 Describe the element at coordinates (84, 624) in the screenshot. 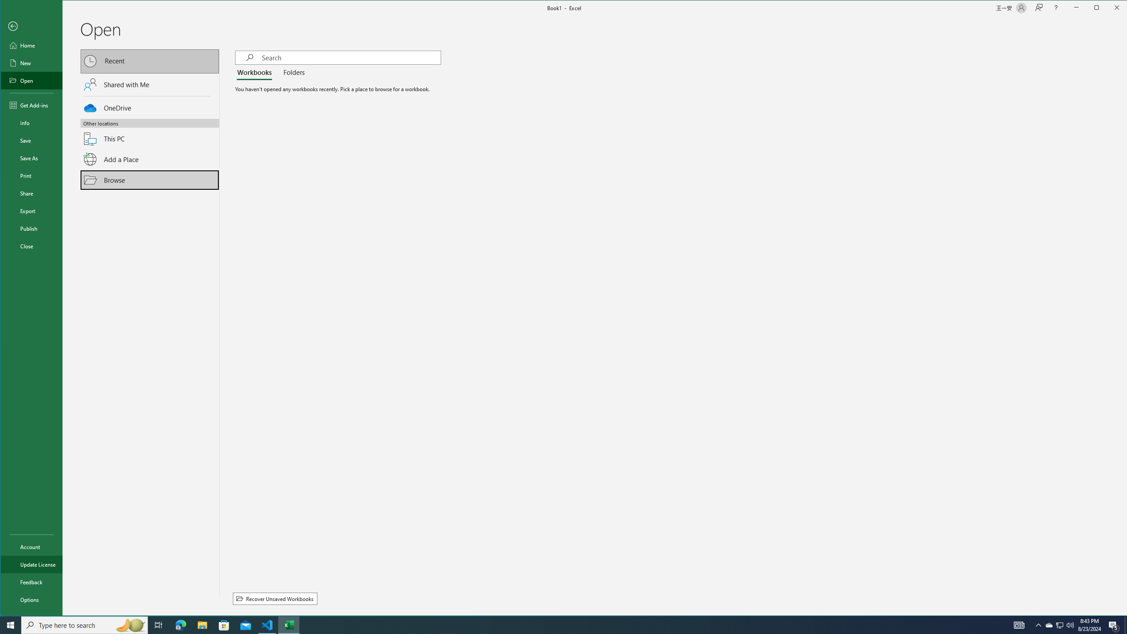

I see `'Type here to search'` at that location.